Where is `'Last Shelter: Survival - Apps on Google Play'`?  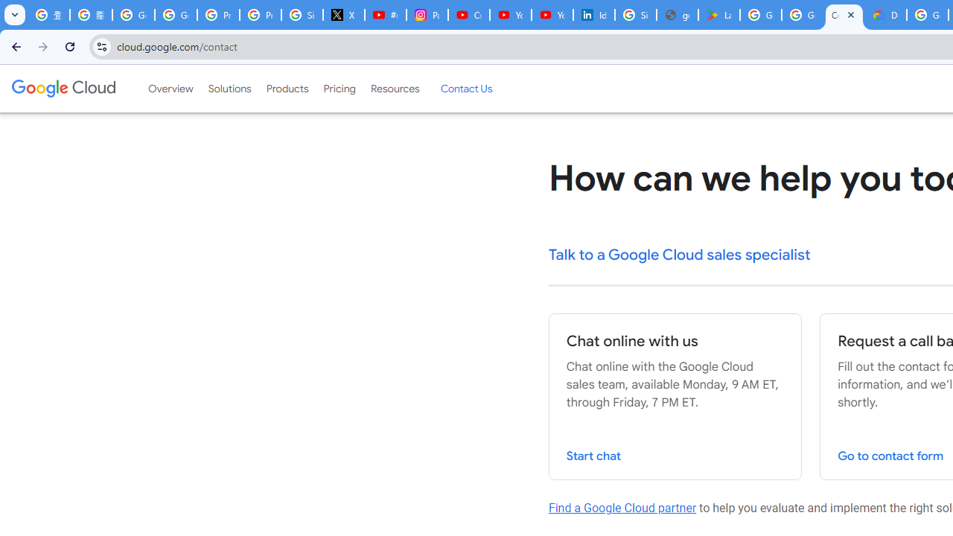 'Last Shelter: Survival - Apps on Google Play' is located at coordinates (719, 15).